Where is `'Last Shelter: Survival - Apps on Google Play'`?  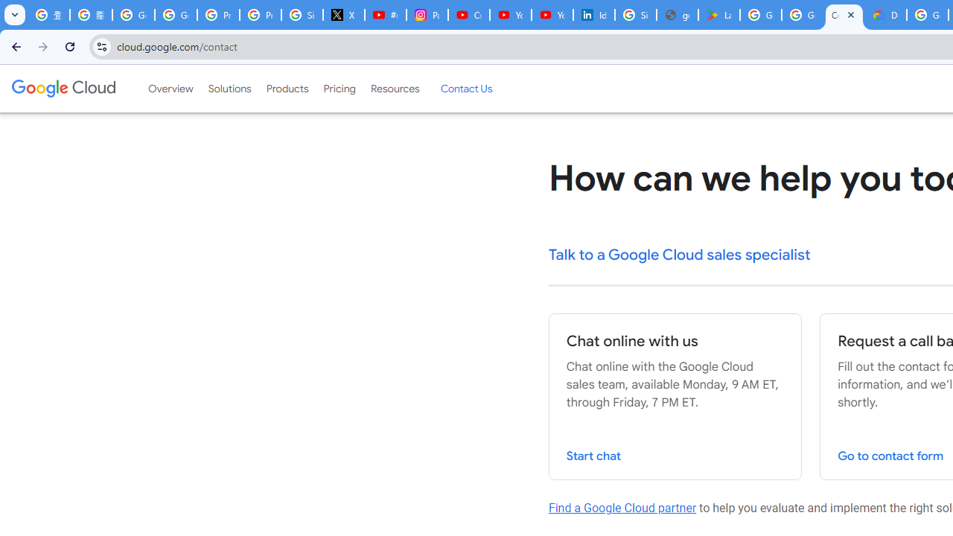 'Last Shelter: Survival - Apps on Google Play' is located at coordinates (719, 15).